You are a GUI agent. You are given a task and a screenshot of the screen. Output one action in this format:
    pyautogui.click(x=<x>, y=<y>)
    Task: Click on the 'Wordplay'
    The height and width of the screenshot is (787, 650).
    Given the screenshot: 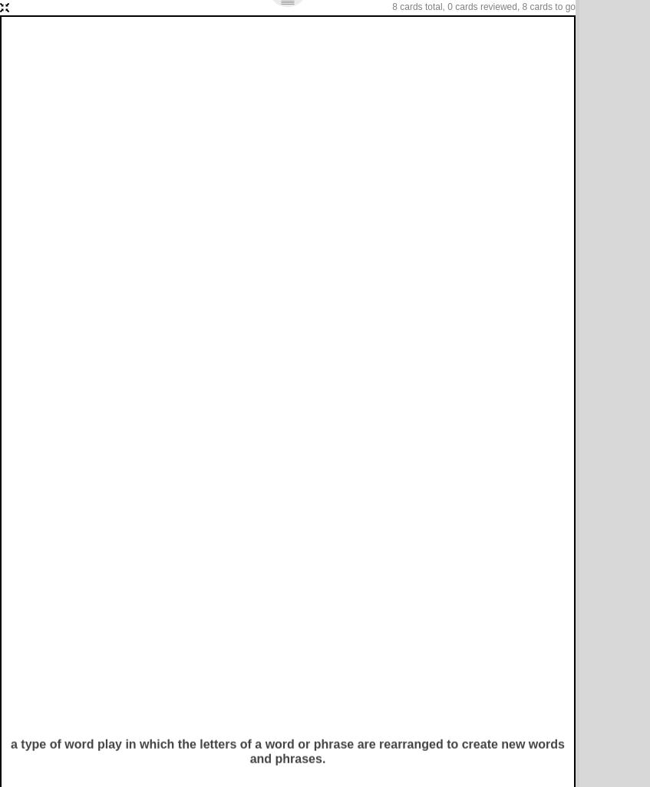 What is the action you would take?
    pyautogui.click(x=78, y=196)
    